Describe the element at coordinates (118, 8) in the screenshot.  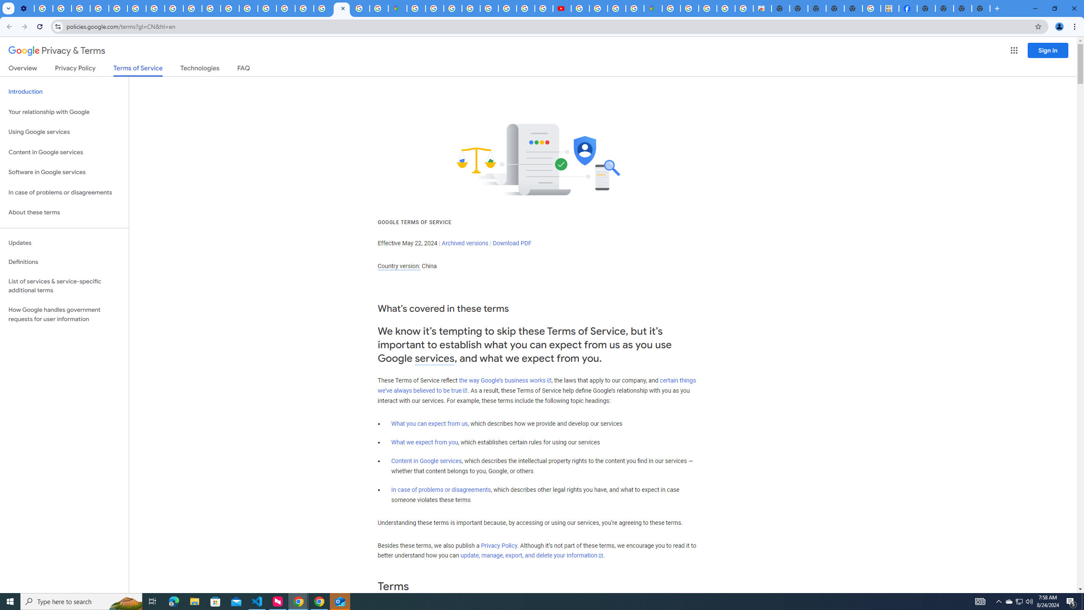
I see `'Privacy Help Center - Policies Help'` at that location.